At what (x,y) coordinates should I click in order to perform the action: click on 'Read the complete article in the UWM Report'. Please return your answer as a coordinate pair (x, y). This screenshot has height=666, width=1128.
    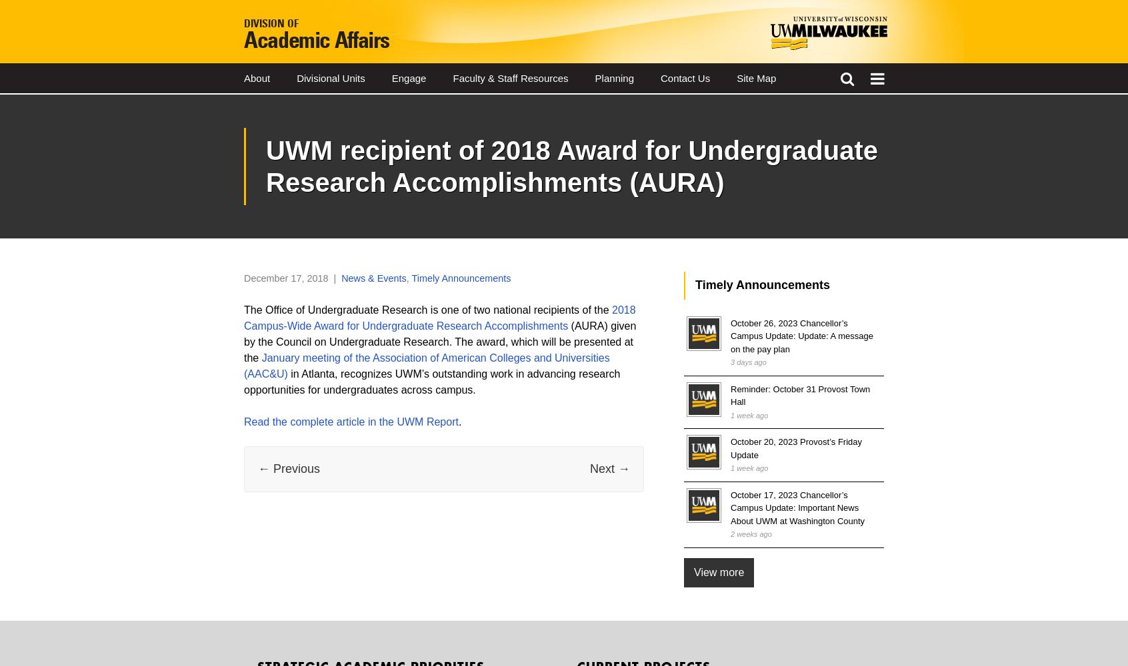
    Looking at the image, I should click on (351, 421).